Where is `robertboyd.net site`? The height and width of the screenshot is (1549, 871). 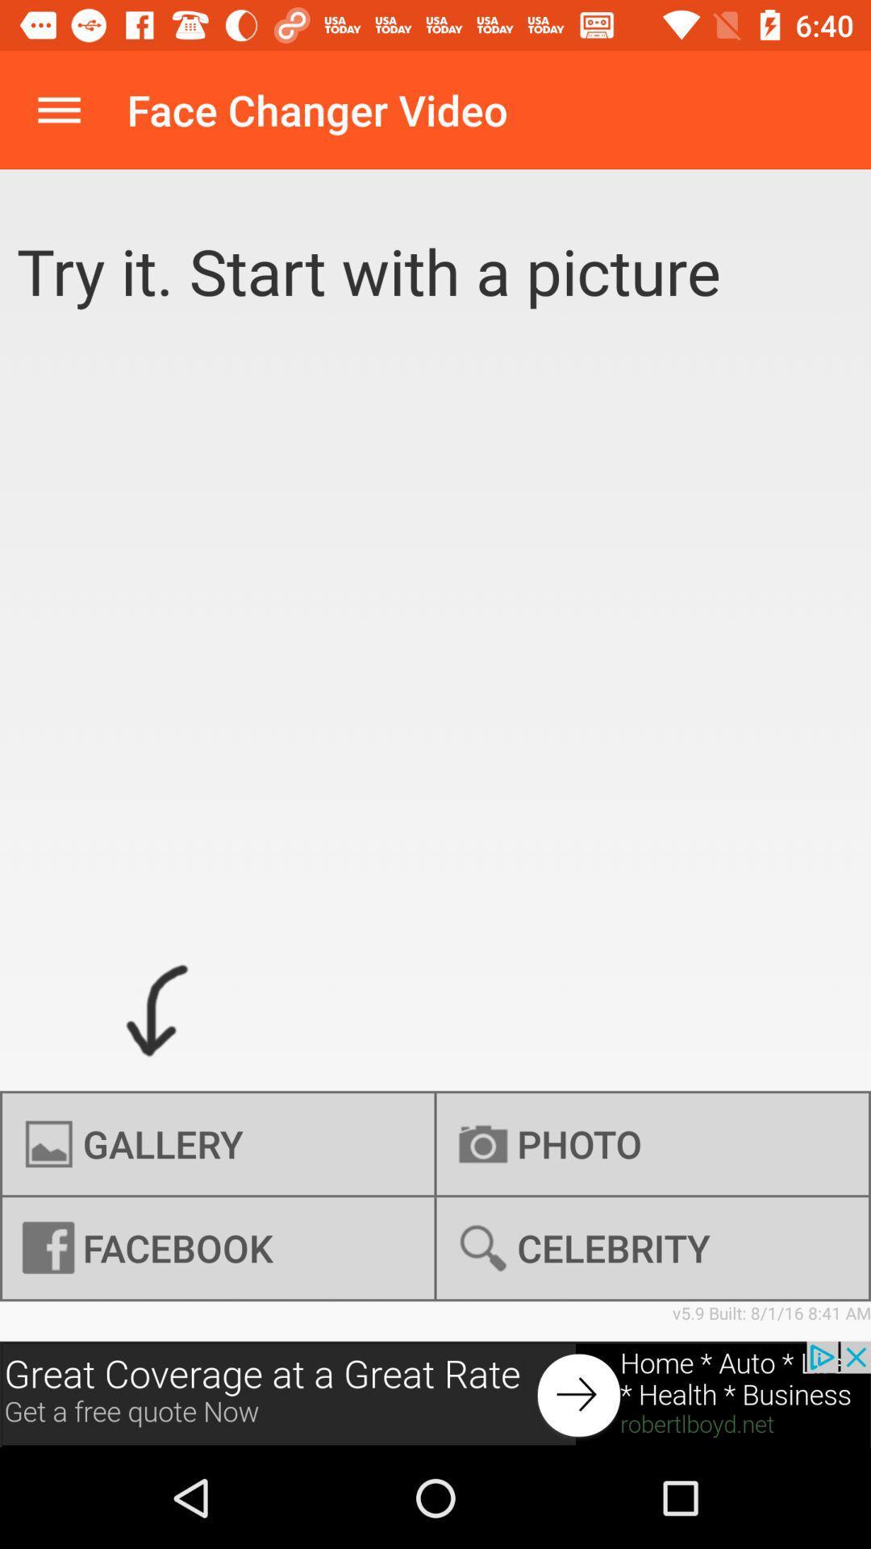
robertboyd.net site is located at coordinates (435, 1393).